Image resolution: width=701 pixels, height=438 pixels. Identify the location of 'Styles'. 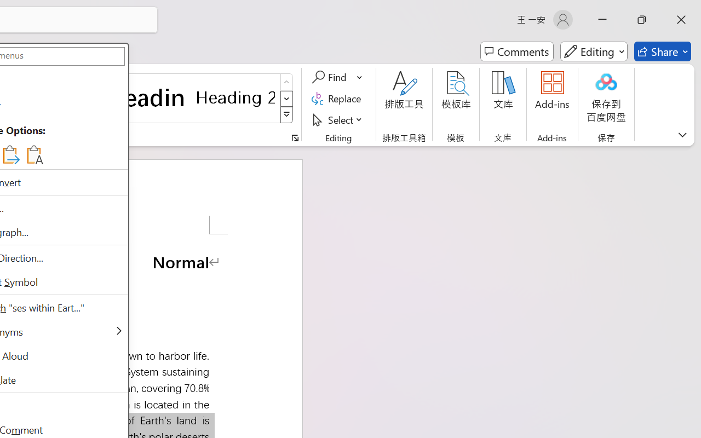
(286, 115).